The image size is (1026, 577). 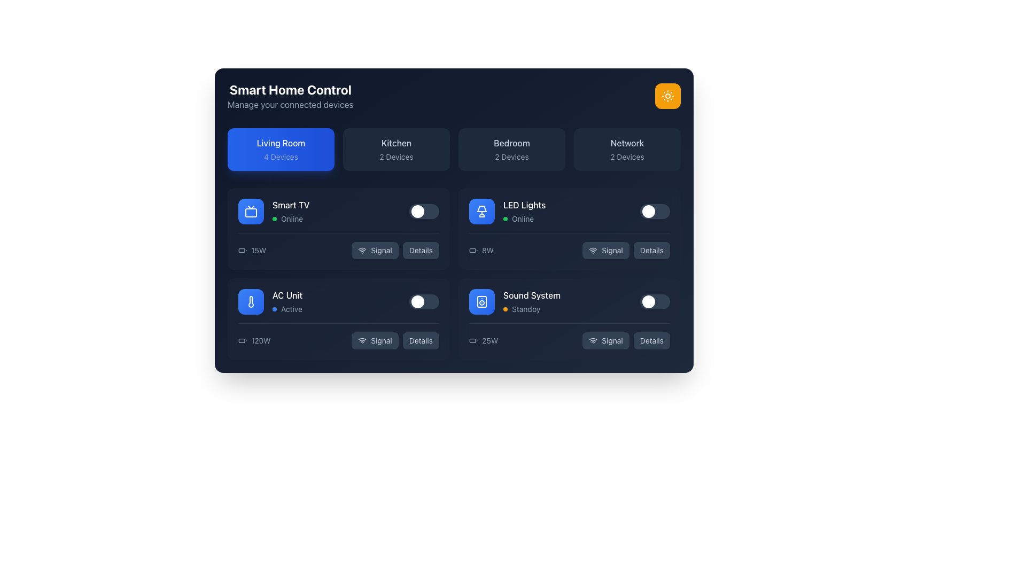 What do you see at coordinates (511, 142) in the screenshot?
I see `the static text label displaying 'Bedroom', which is center-aligned in slate-gray color, positioned in the top row of the interface between 'Kitchen' and 'Network'` at bounding box center [511, 142].